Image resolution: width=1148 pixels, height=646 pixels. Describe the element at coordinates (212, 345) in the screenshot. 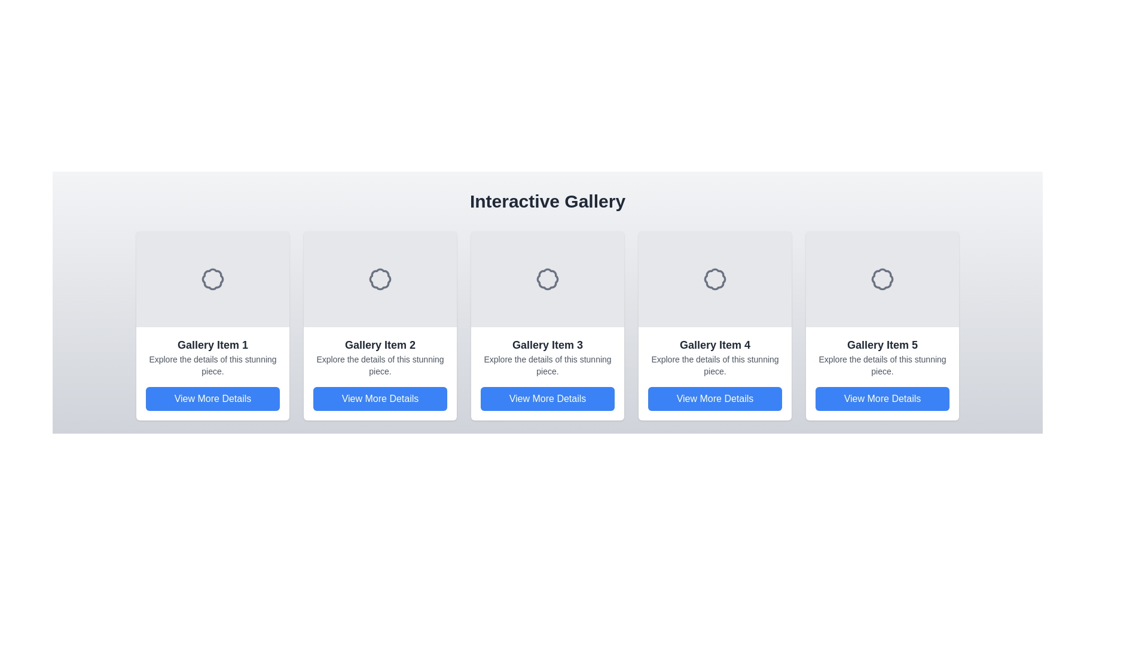

I see `text 'Gallery Item 1' which is styled in bold and prominently located at the top of the first card in the grid layout` at that location.